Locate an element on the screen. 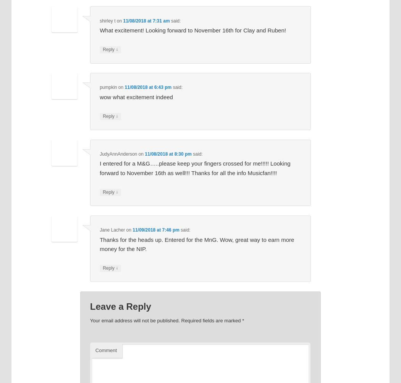 This screenshot has height=383, width=401. '11/08/2018 at 7:31 am' is located at coordinates (146, 21).